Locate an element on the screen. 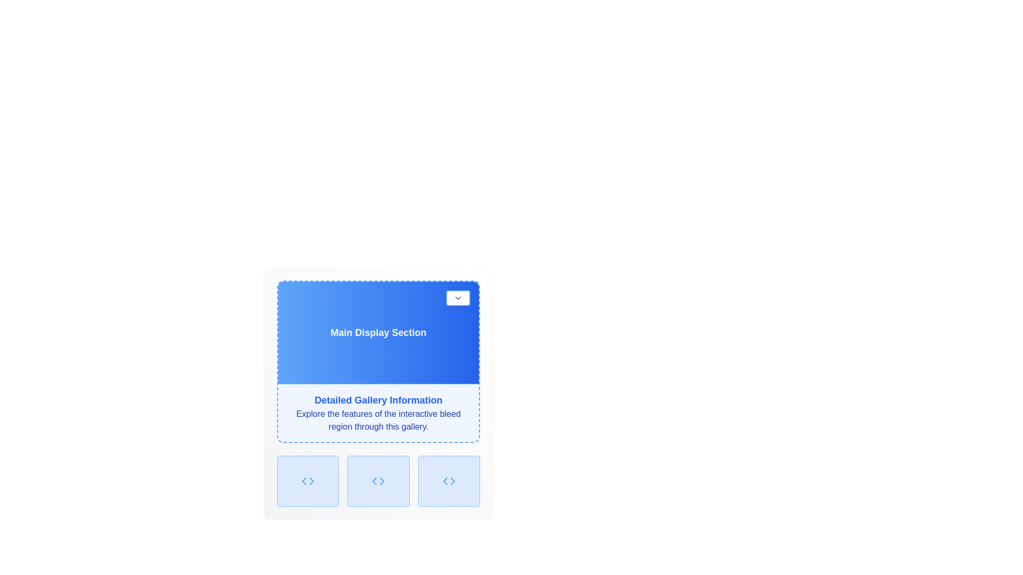 The width and height of the screenshot is (1023, 575). the text label displaying 'Main Display Section', which is bold and white, positioned centrally on a gradient background is located at coordinates (378, 332).